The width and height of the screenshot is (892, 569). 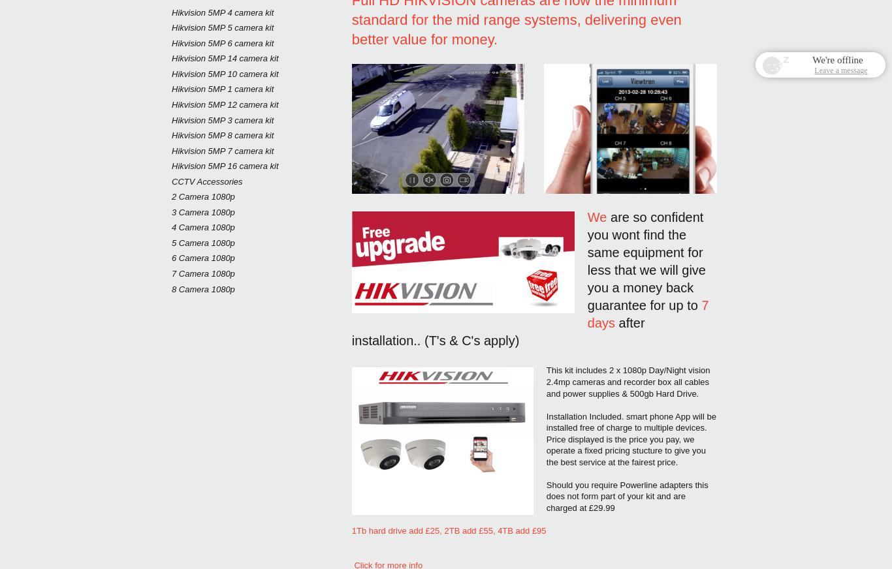 What do you see at coordinates (203, 227) in the screenshot?
I see `'4 Camera 1080p'` at bounding box center [203, 227].